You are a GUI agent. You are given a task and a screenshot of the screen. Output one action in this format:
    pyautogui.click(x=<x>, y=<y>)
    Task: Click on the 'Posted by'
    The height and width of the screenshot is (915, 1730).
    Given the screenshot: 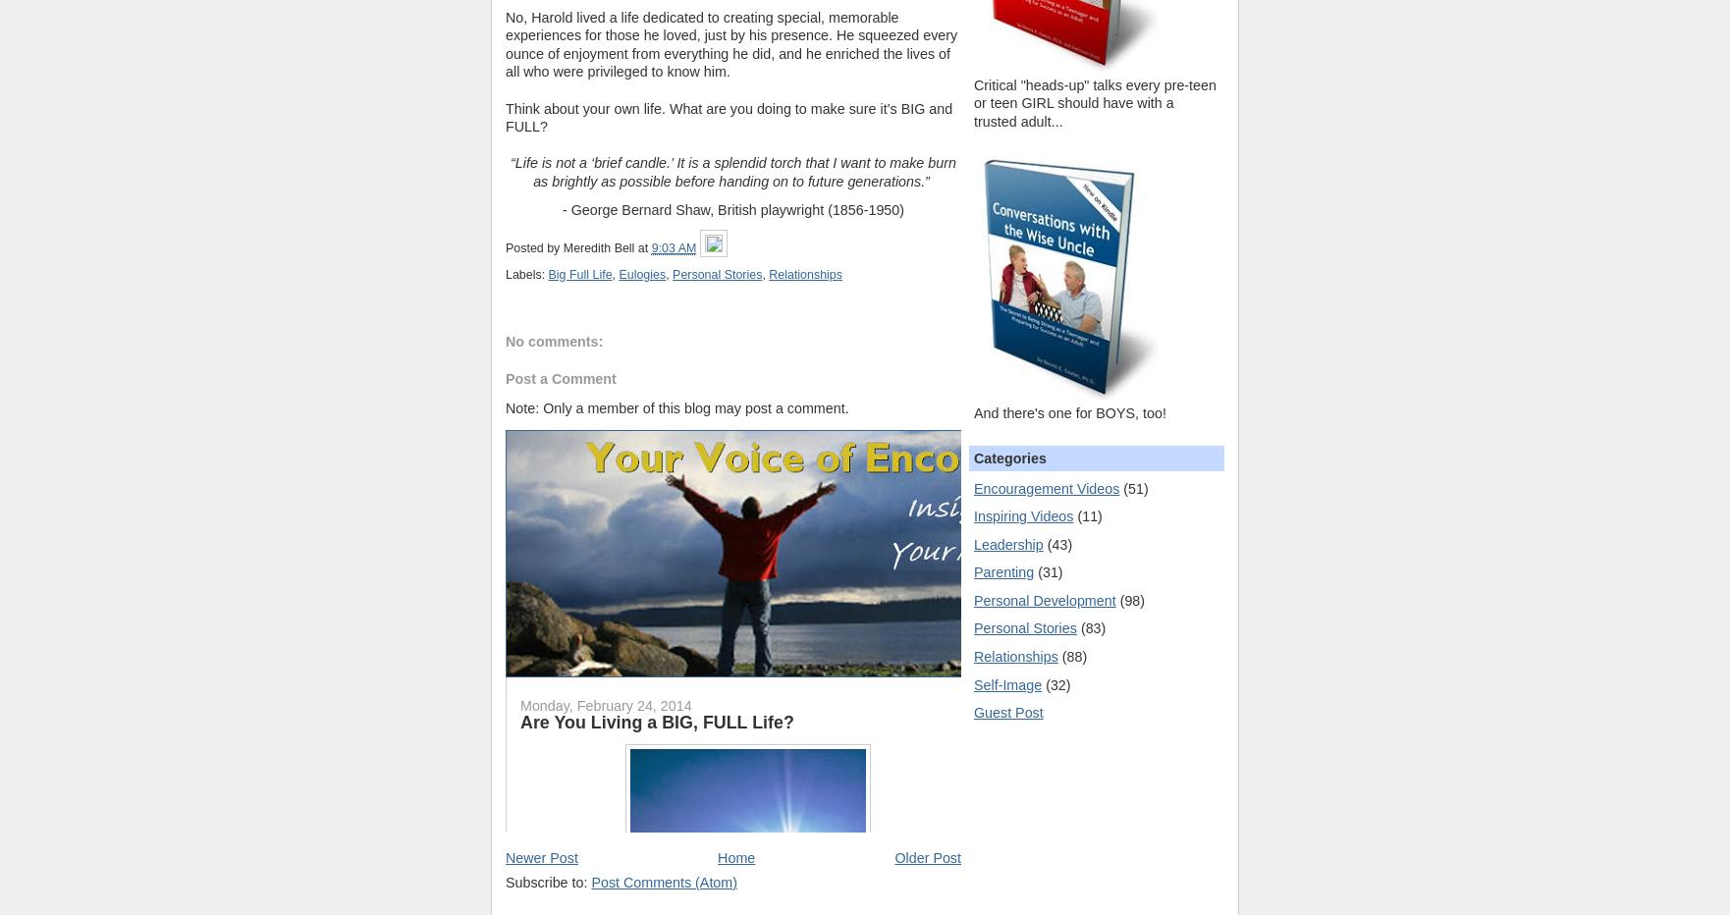 What is the action you would take?
    pyautogui.click(x=505, y=247)
    